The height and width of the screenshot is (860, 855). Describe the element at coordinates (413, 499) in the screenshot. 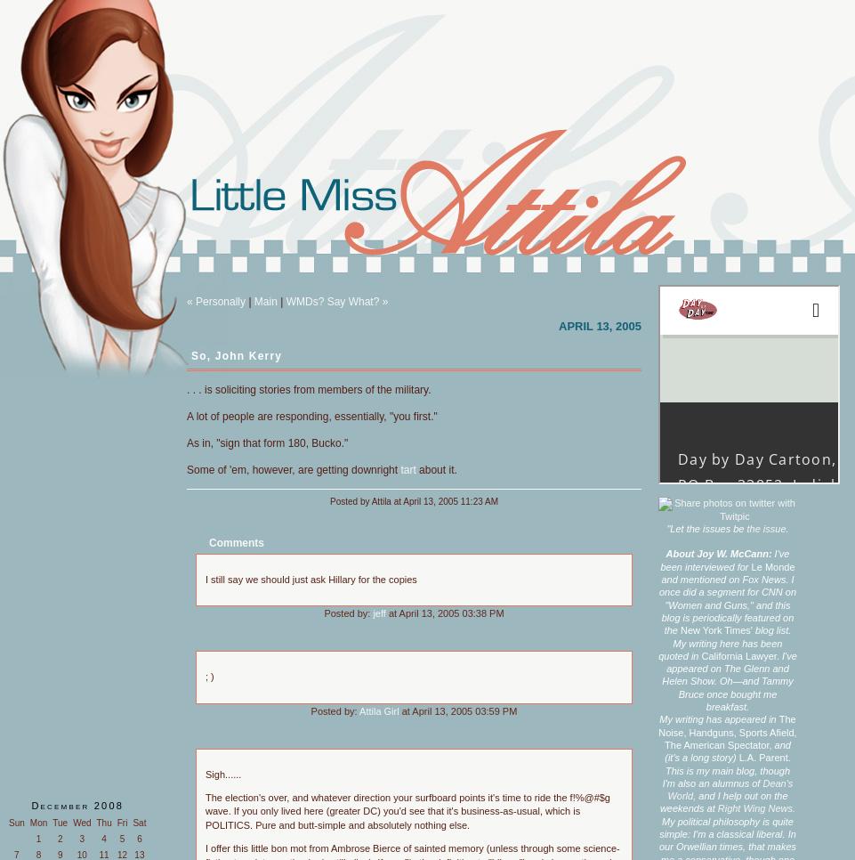

I see `'Posted by Attila at April 13, 2005 11:23 AM'` at that location.